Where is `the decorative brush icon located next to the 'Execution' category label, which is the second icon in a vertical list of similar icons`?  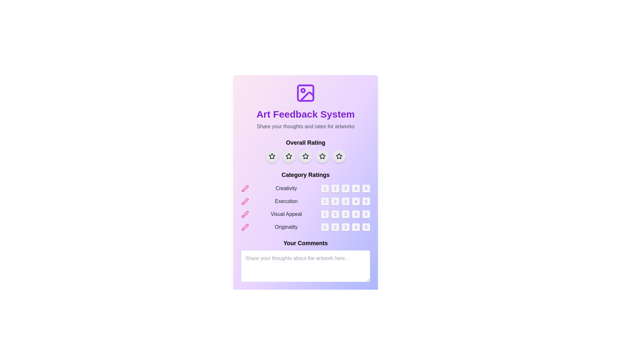 the decorative brush icon located next to the 'Execution' category label, which is the second icon in a vertical list of similar icons is located at coordinates (246, 200).